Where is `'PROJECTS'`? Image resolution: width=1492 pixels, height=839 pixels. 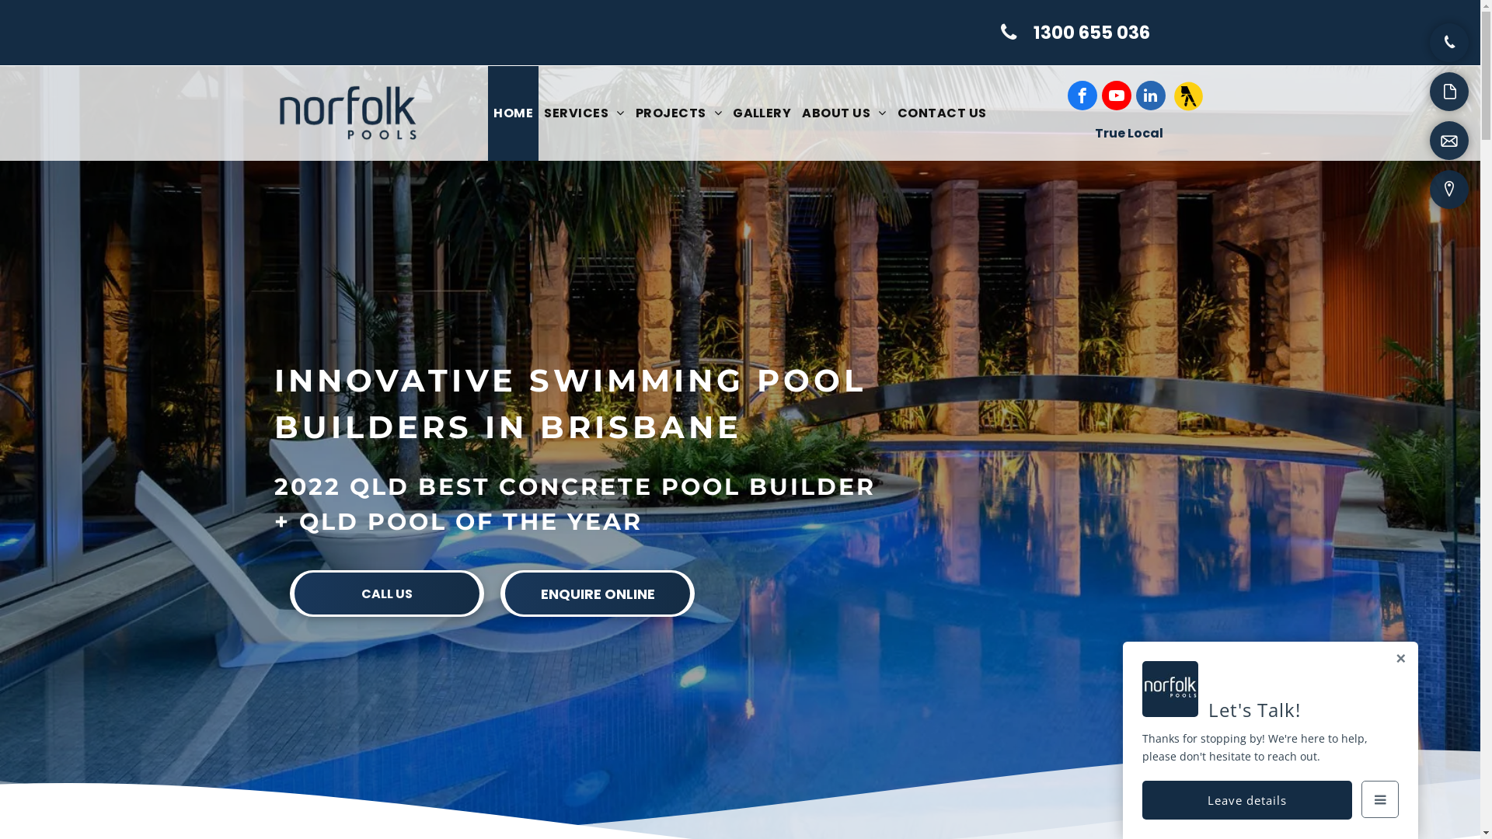 'PROJECTS' is located at coordinates (630, 113).